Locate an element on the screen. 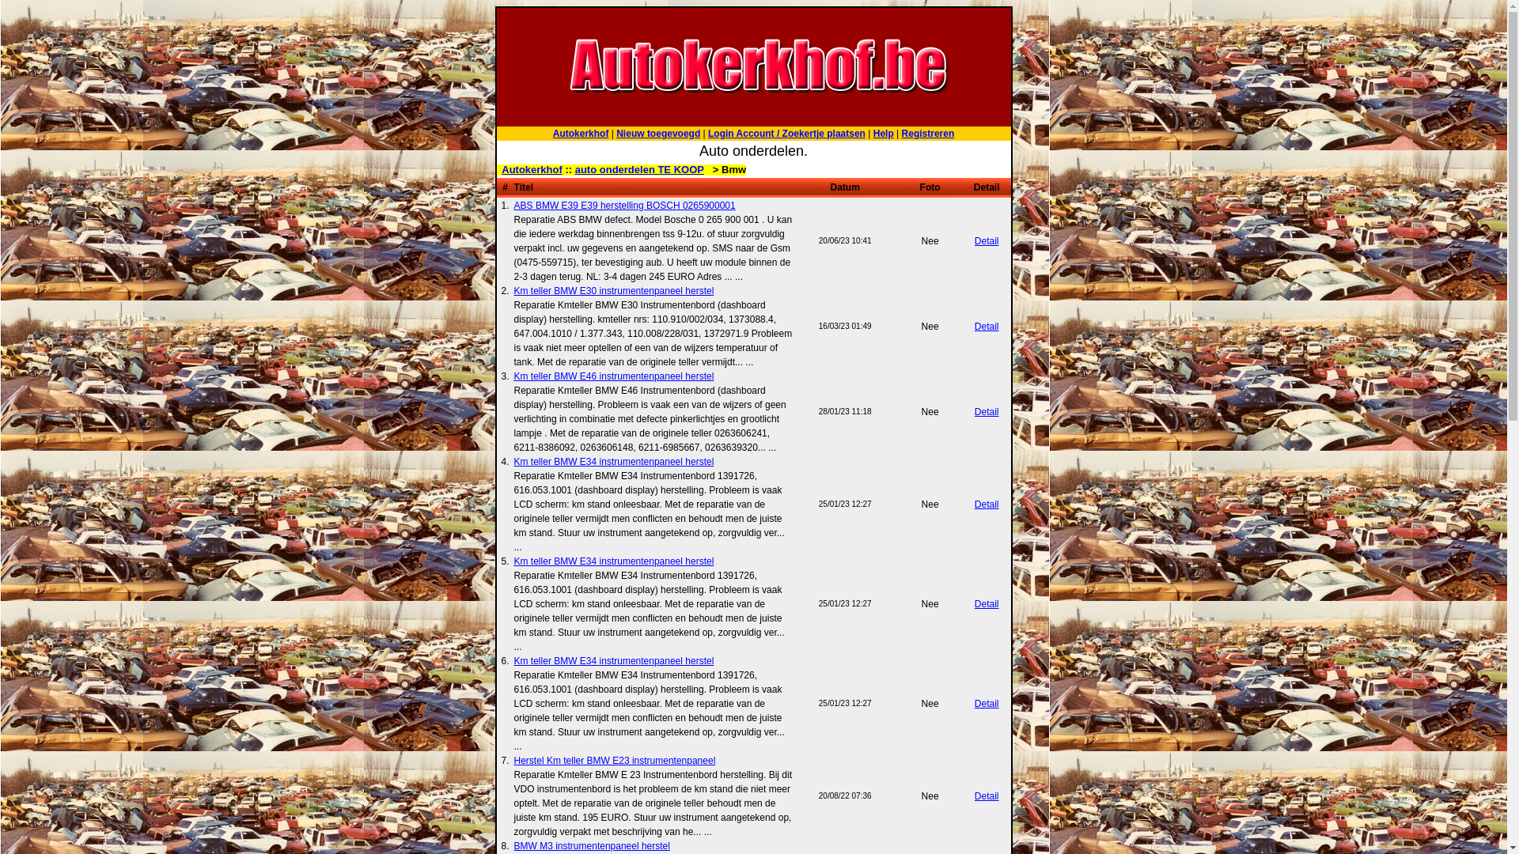 Image resolution: width=1519 pixels, height=854 pixels. 'auto onderdelen TE KOOP' is located at coordinates (639, 169).